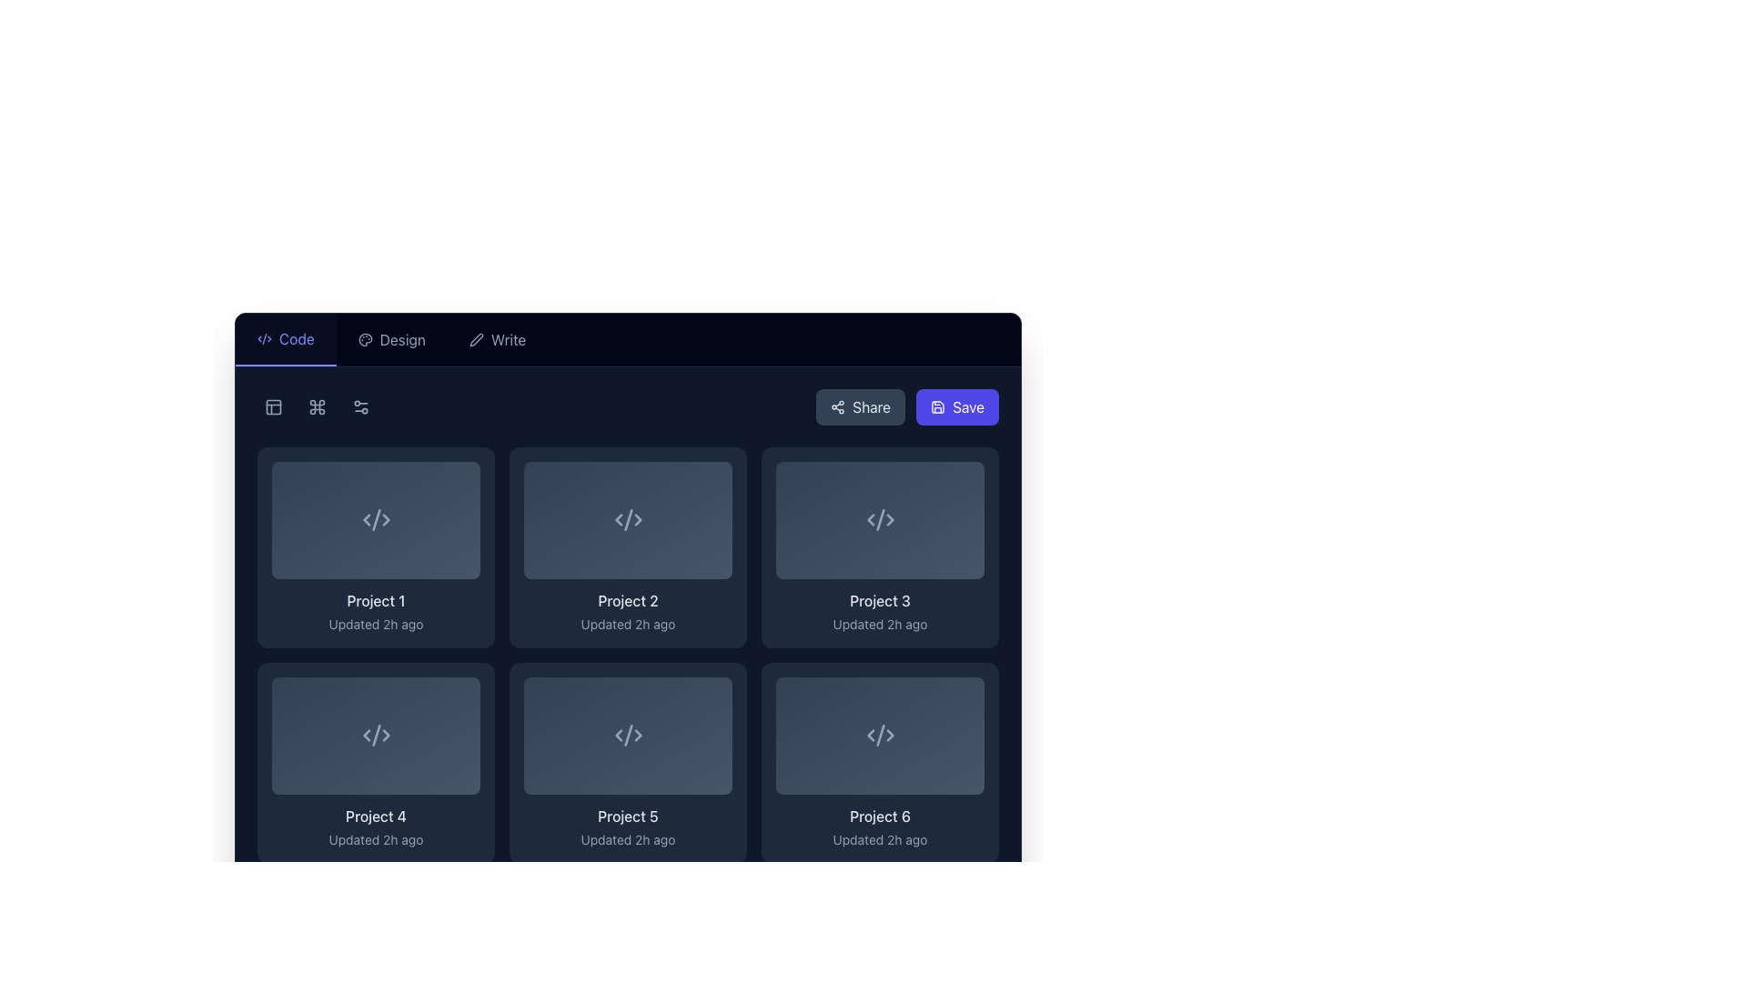 Image resolution: width=1747 pixels, height=982 pixels. What do you see at coordinates (628, 839) in the screenshot?
I see `text label that informs users about the last update time of the project titled 'Project 5', which is centrally aligned below the heading and located at the bottom of the card component` at bounding box center [628, 839].